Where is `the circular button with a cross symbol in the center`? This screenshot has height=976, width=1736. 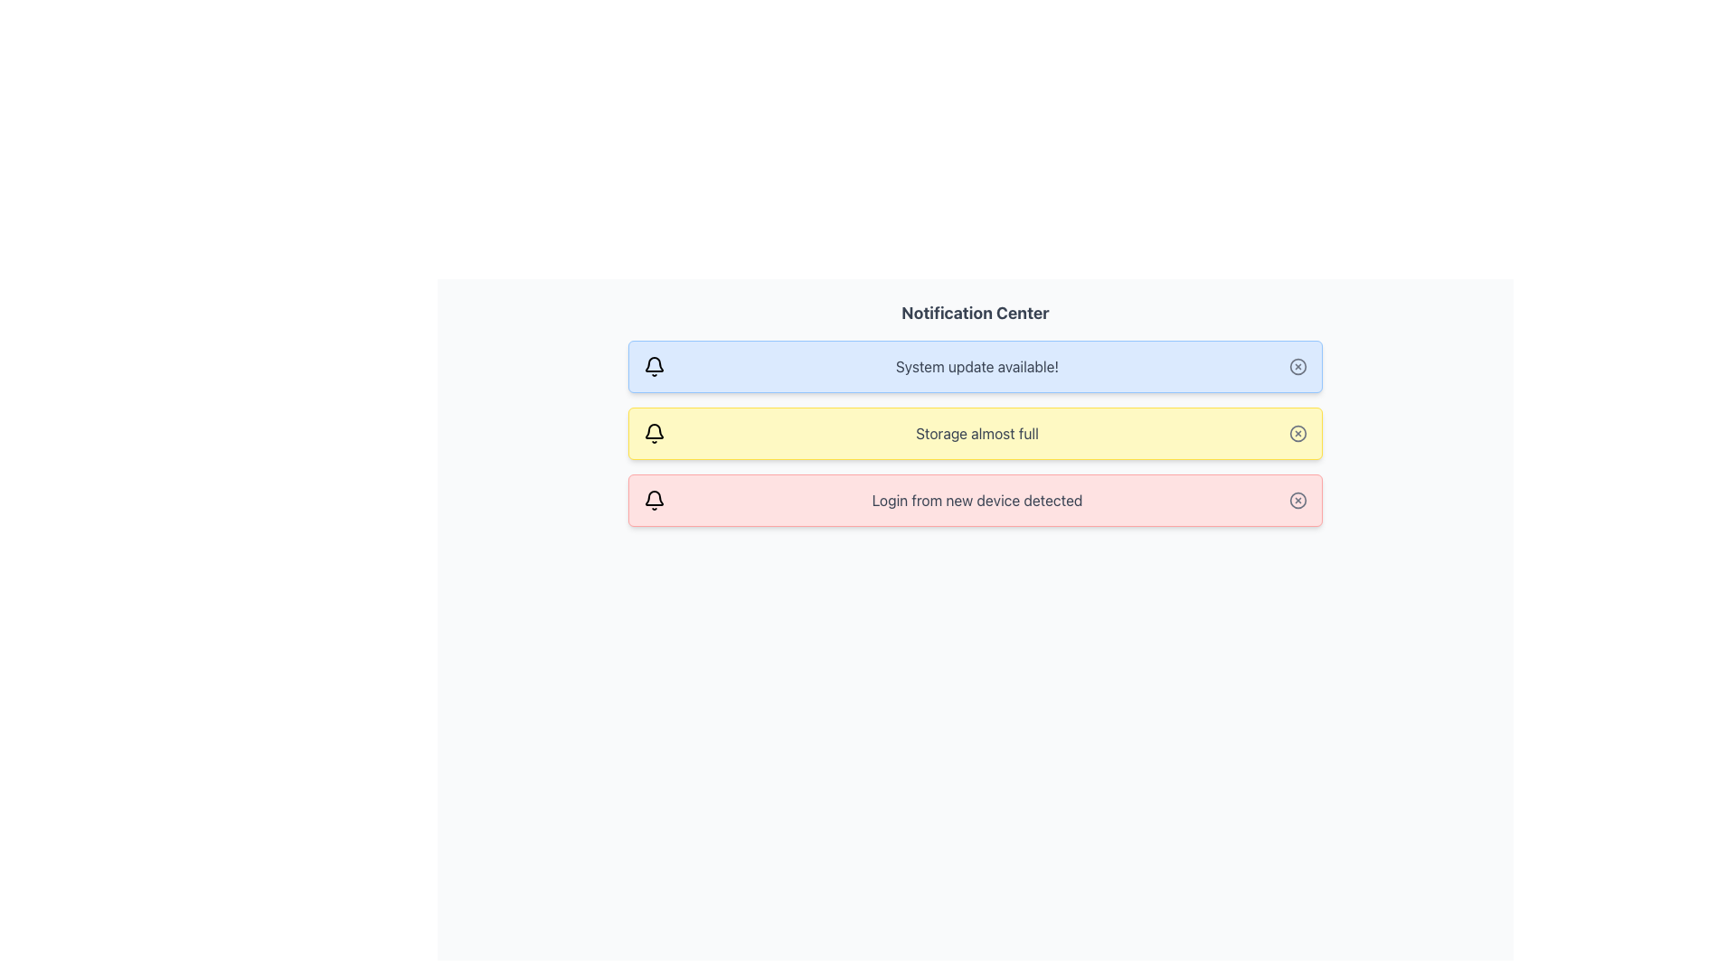
the circular button with a cross symbol in the center is located at coordinates (1297, 433).